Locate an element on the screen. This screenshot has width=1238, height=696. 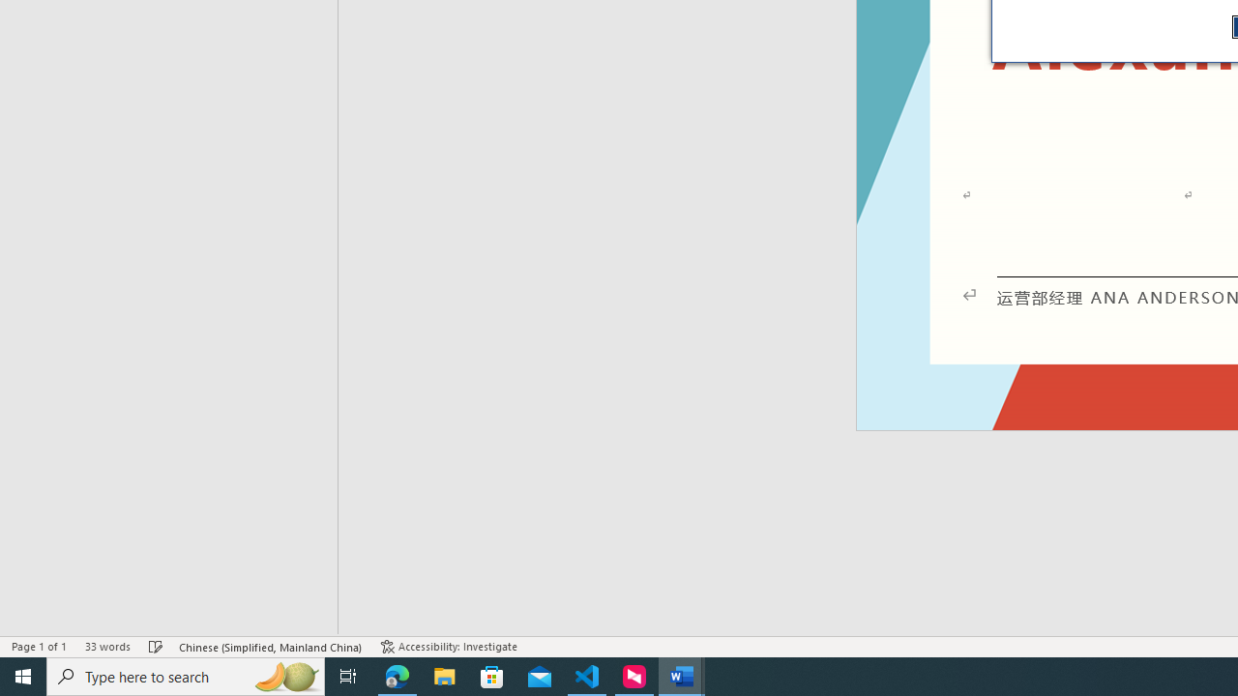
'Visual Studio Code - 1 running window' is located at coordinates (586, 675).